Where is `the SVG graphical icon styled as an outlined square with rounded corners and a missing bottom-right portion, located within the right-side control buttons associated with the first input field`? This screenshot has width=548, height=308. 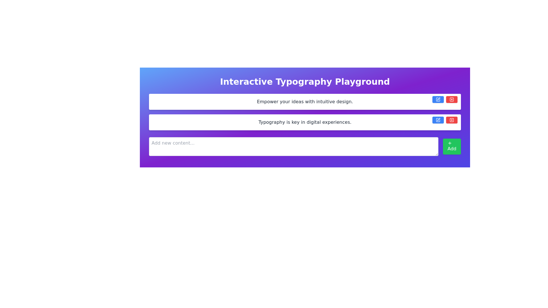
the SVG graphical icon styled as an outlined square with rounded corners and a missing bottom-right portion, located within the right-side control buttons associated with the first input field is located at coordinates (438, 99).